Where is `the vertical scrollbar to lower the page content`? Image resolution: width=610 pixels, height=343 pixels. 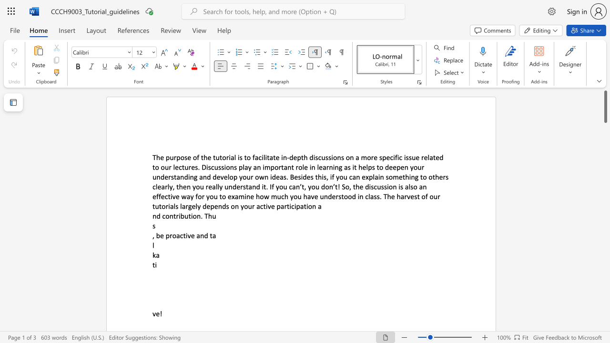 the vertical scrollbar to lower the page content is located at coordinates (605, 276).